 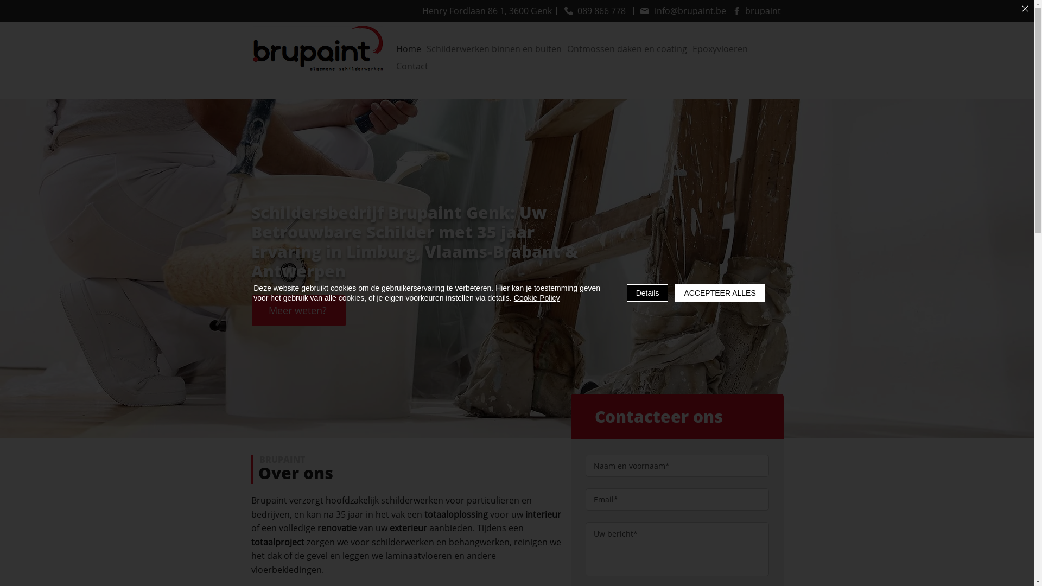 I want to click on 'Contact', so click(x=411, y=66).